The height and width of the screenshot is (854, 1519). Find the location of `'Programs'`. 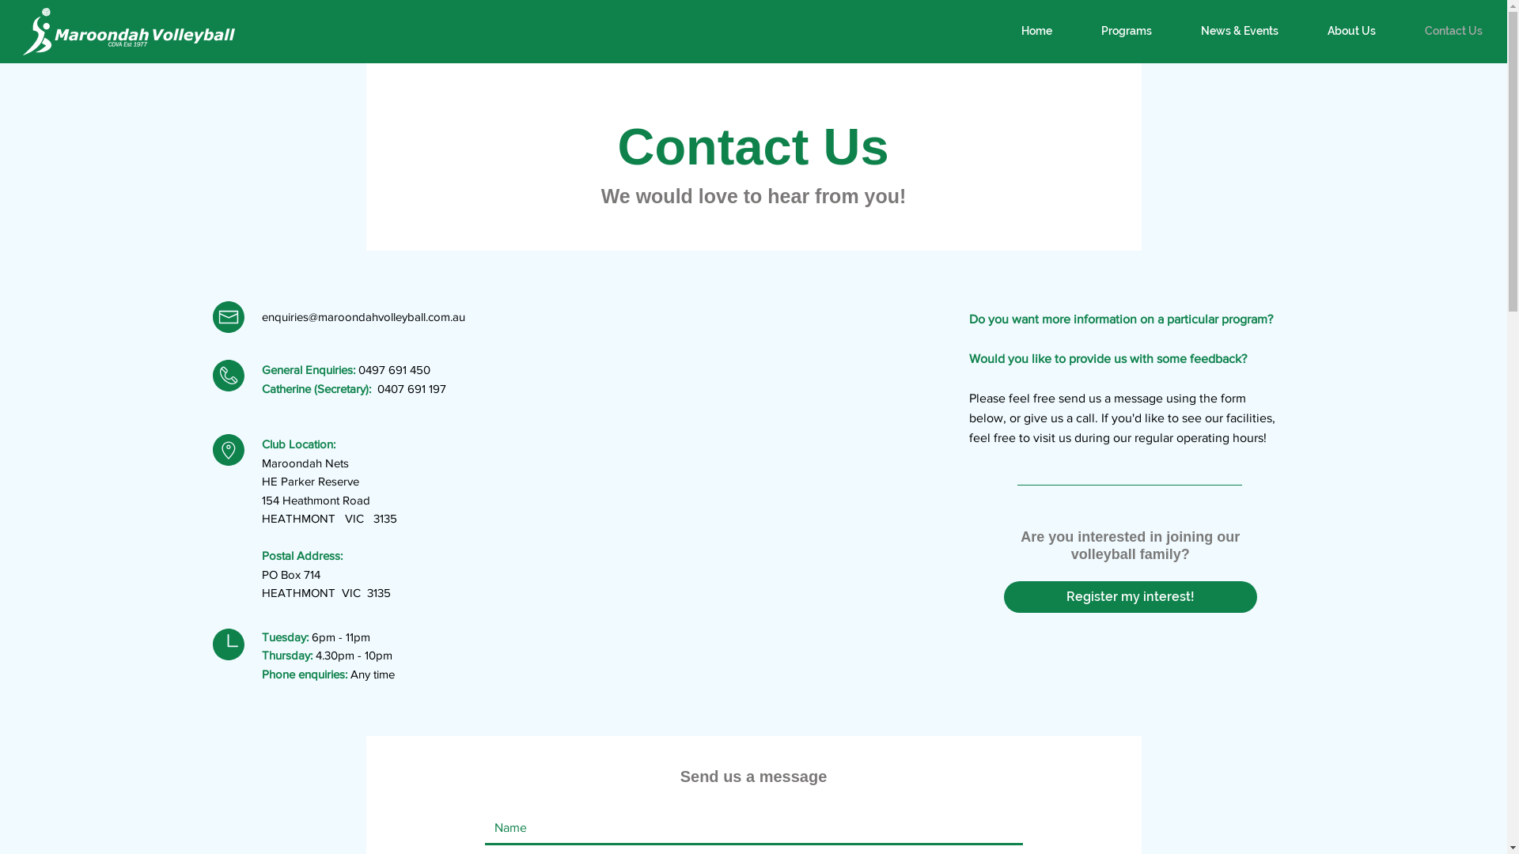

'Programs' is located at coordinates (1126, 31).